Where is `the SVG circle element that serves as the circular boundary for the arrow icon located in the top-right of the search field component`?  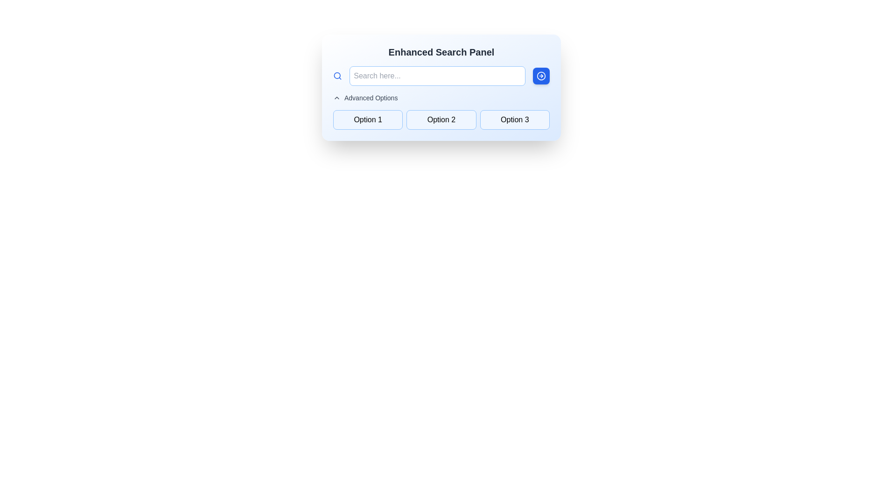
the SVG circle element that serves as the circular boundary for the arrow icon located in the top-right of the search field component is located at coordinates (541, 75).